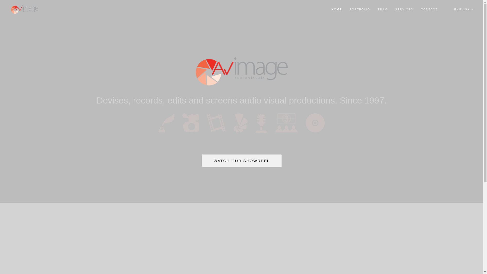  I want to click on 'SERVICES', so click(404, 9).